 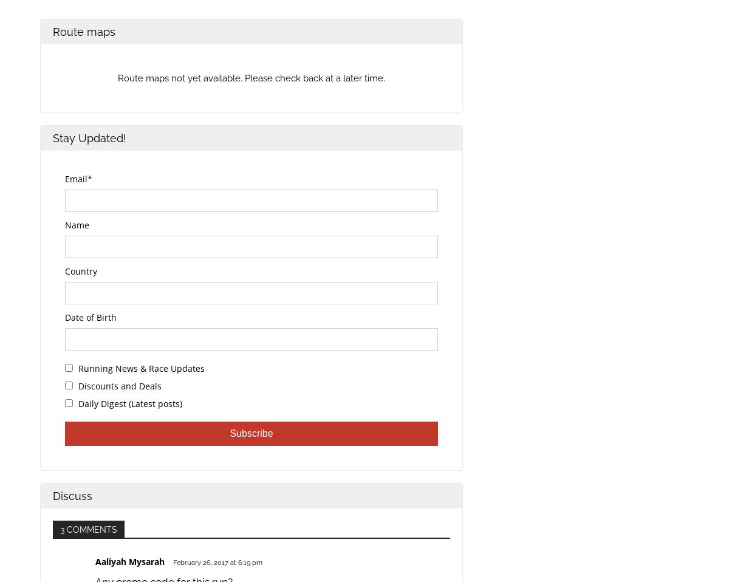 I want to click on 'Aaliyah Mysarah', so click(x=94, y=561).